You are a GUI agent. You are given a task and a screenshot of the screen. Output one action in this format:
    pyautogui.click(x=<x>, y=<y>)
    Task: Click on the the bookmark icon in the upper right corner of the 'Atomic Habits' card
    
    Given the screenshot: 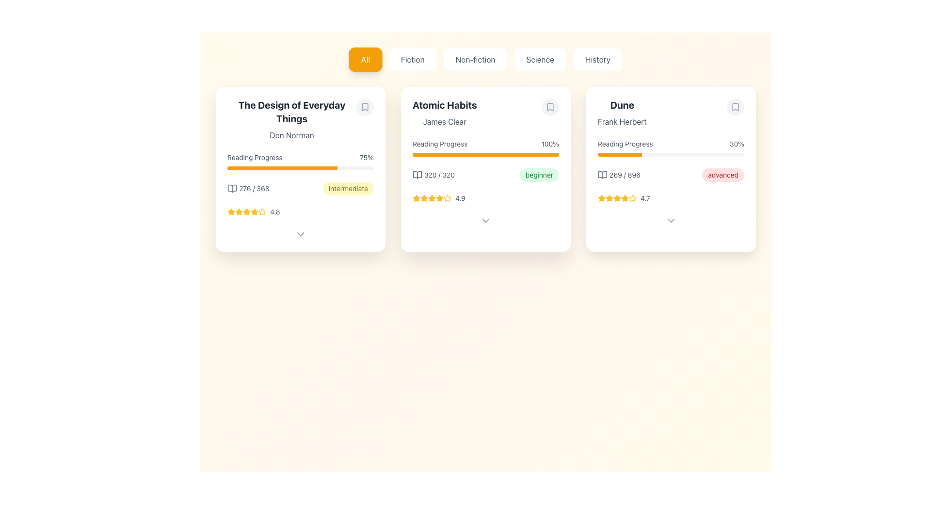 What is the action you would take?
    pyautogui.click(x=550, y=107)
    